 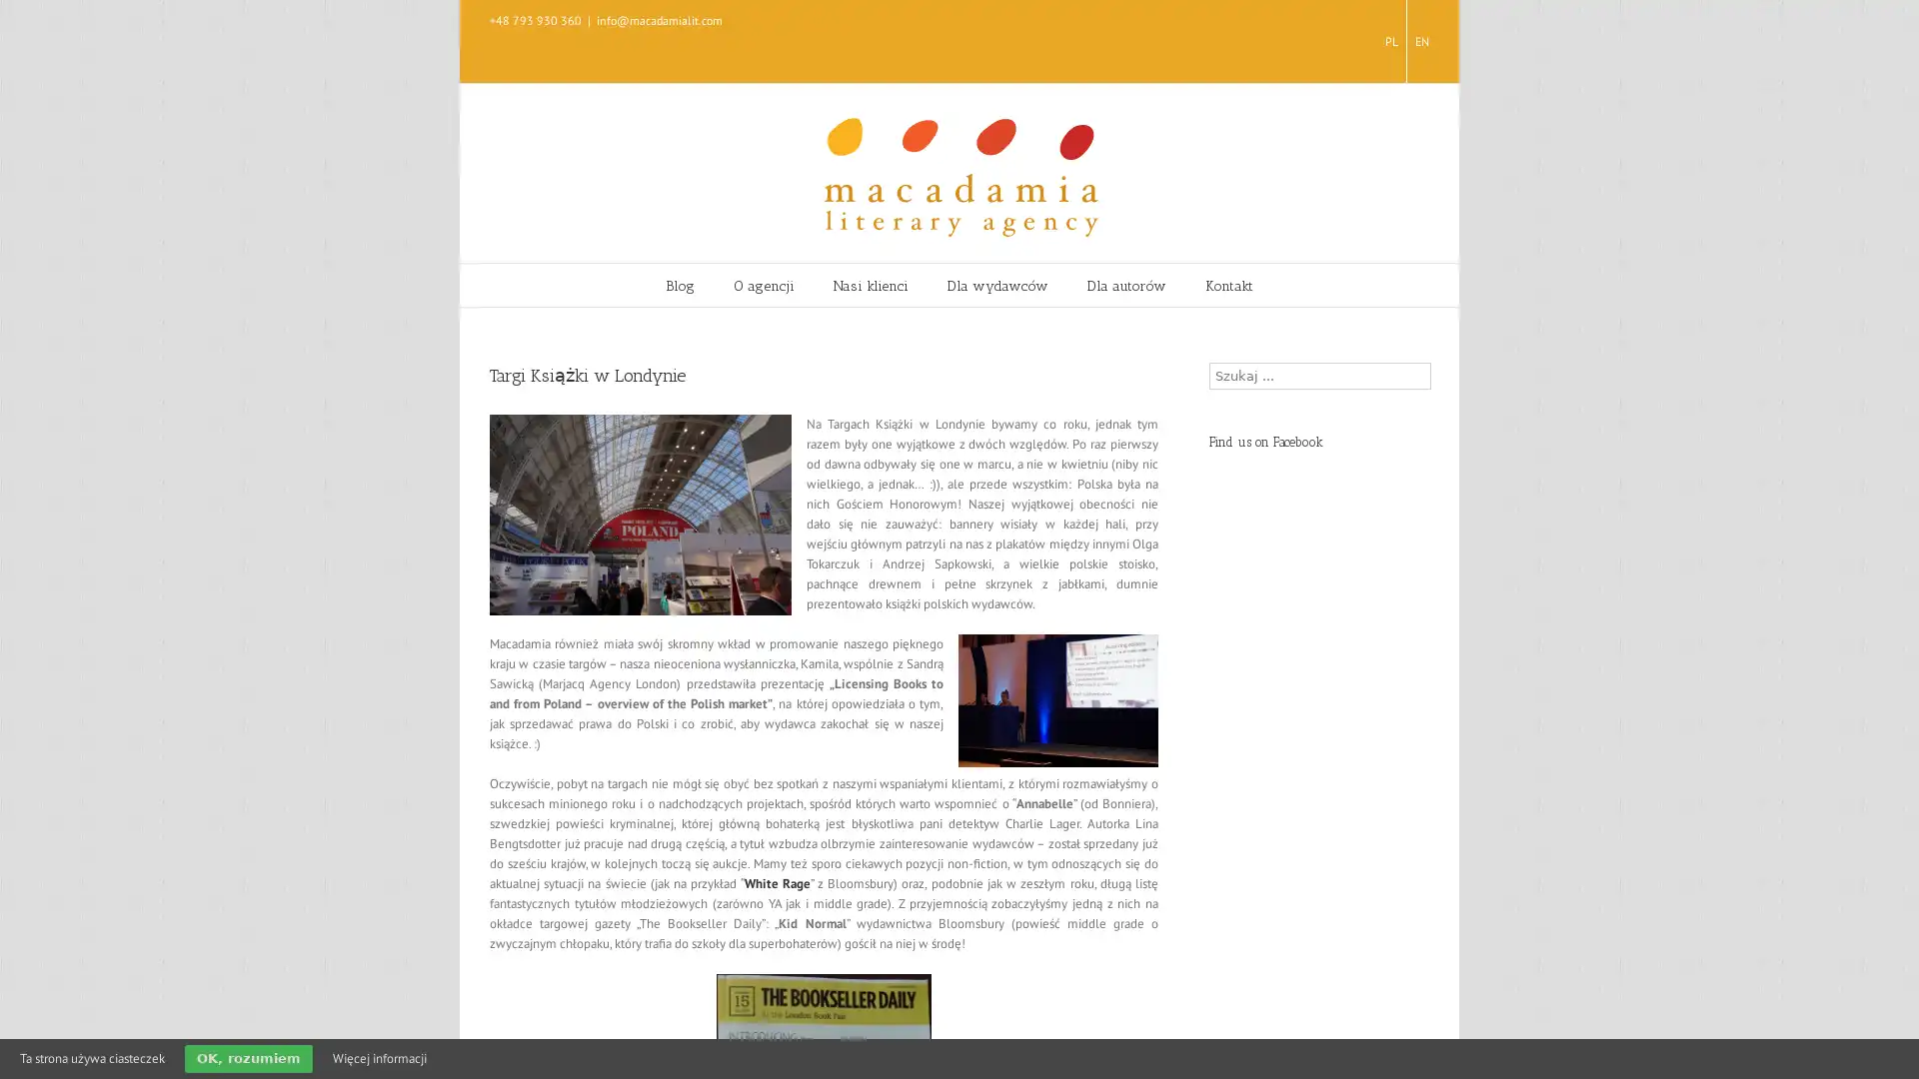 I want to click on OK, rozumiem, so click(x=248, y=1058).